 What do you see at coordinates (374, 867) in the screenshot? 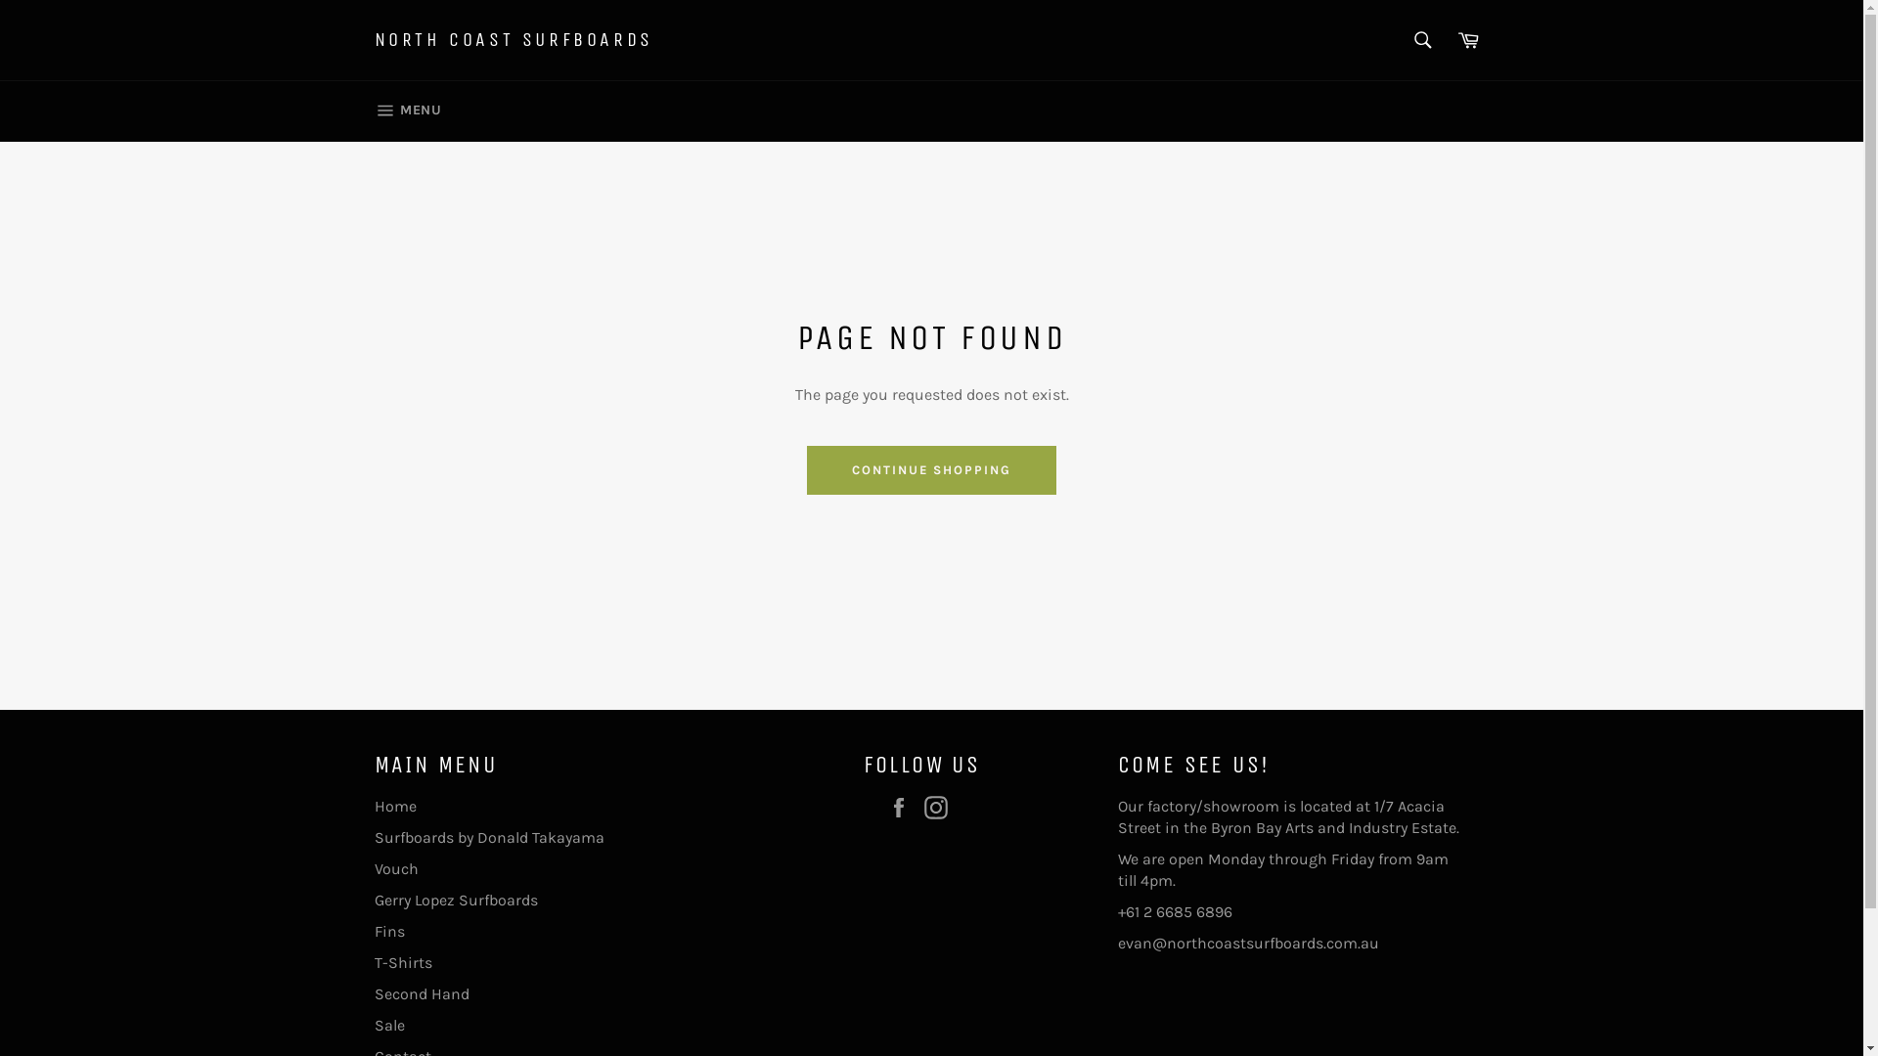
I see `'Vouch'` at bounding box center [374, 867].